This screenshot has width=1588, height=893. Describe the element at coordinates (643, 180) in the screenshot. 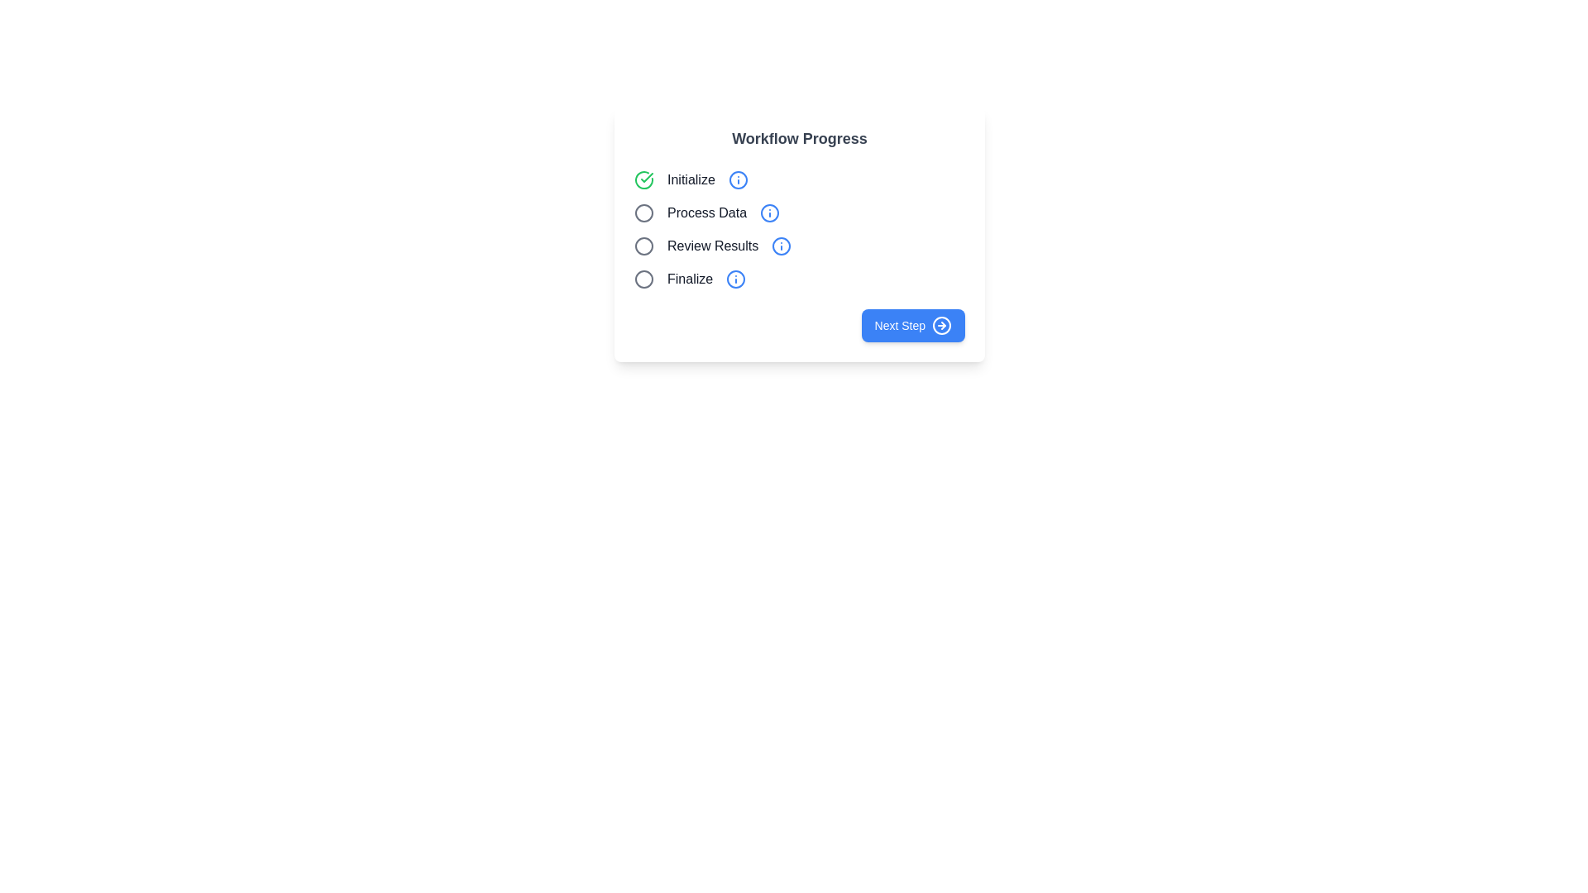

I see `the Circular success indicator with a checkmark, which represents the completion state of the 'Initialize' step in the workflow progress, located to the left of the 'Initialize' text` at that location.